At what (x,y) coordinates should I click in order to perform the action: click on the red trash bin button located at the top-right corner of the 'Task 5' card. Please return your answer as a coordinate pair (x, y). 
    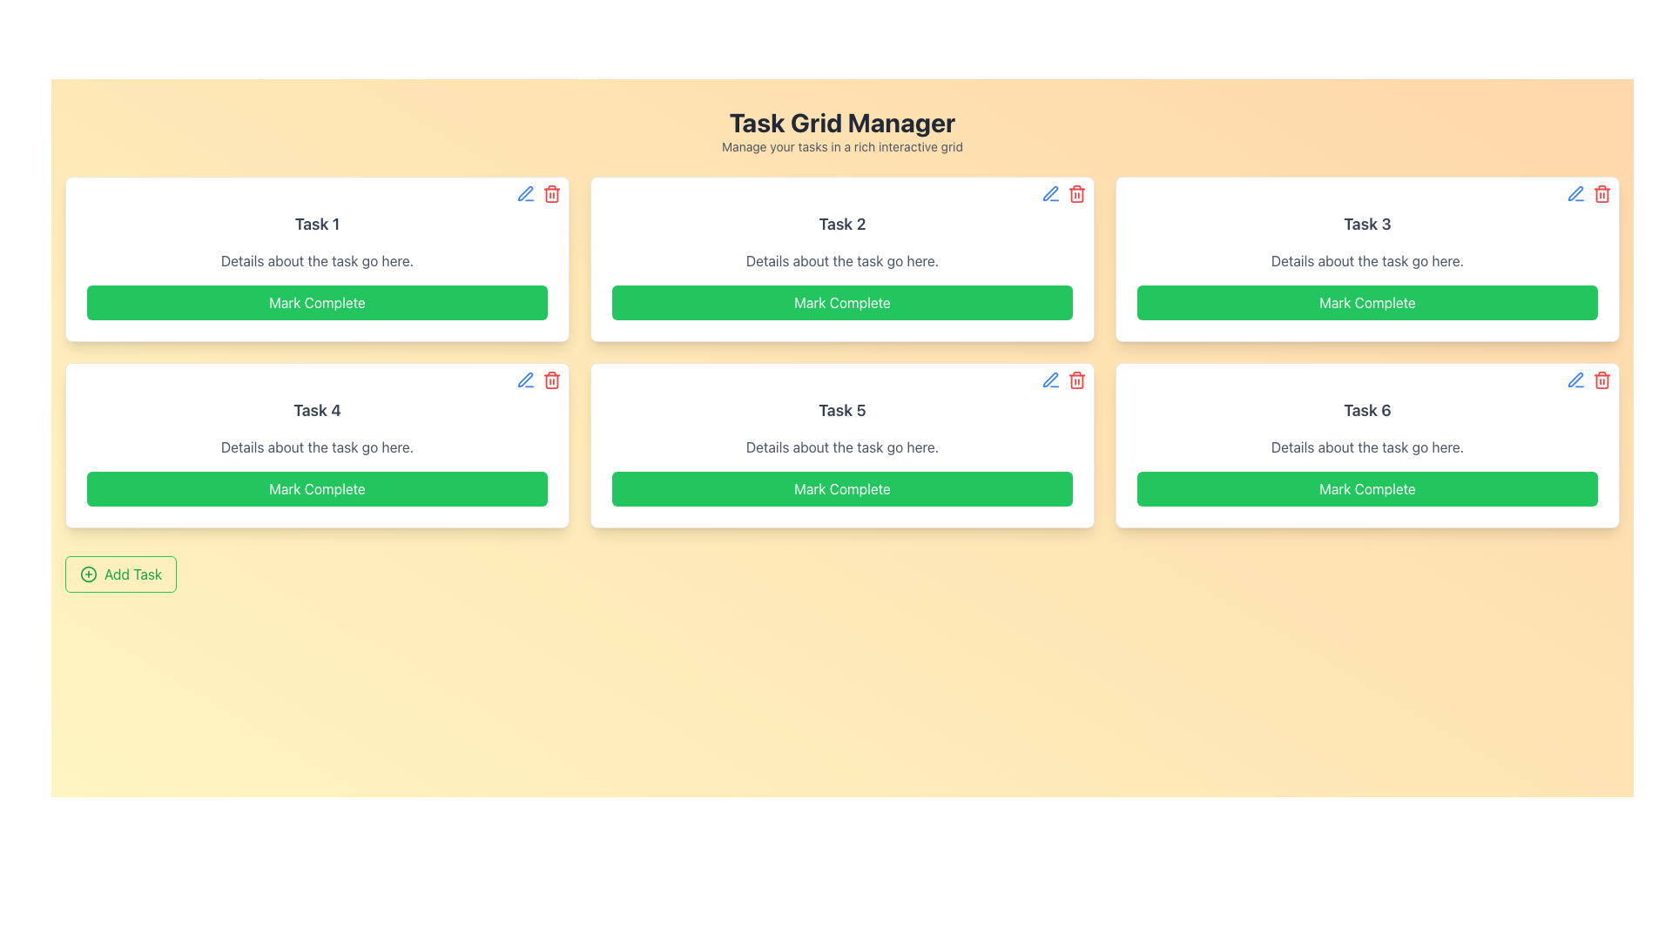
    Looking at the image, I should click on (1063, 379).